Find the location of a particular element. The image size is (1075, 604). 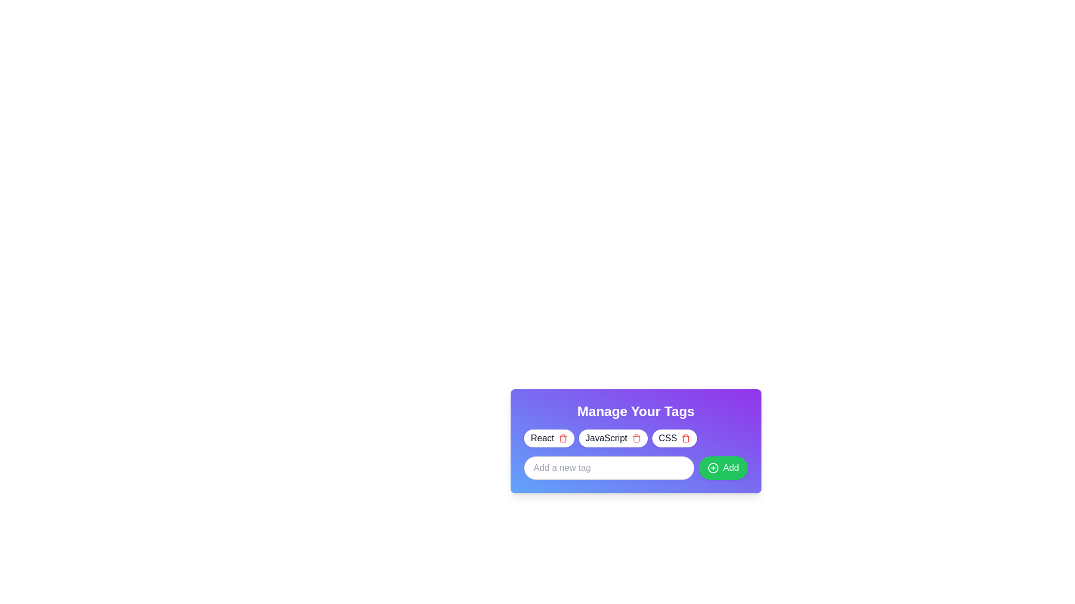

the delete icon of the second tag labeled 'JavaScript' in the 'Manage Your Tags' section is located at coordinates (613, 437).